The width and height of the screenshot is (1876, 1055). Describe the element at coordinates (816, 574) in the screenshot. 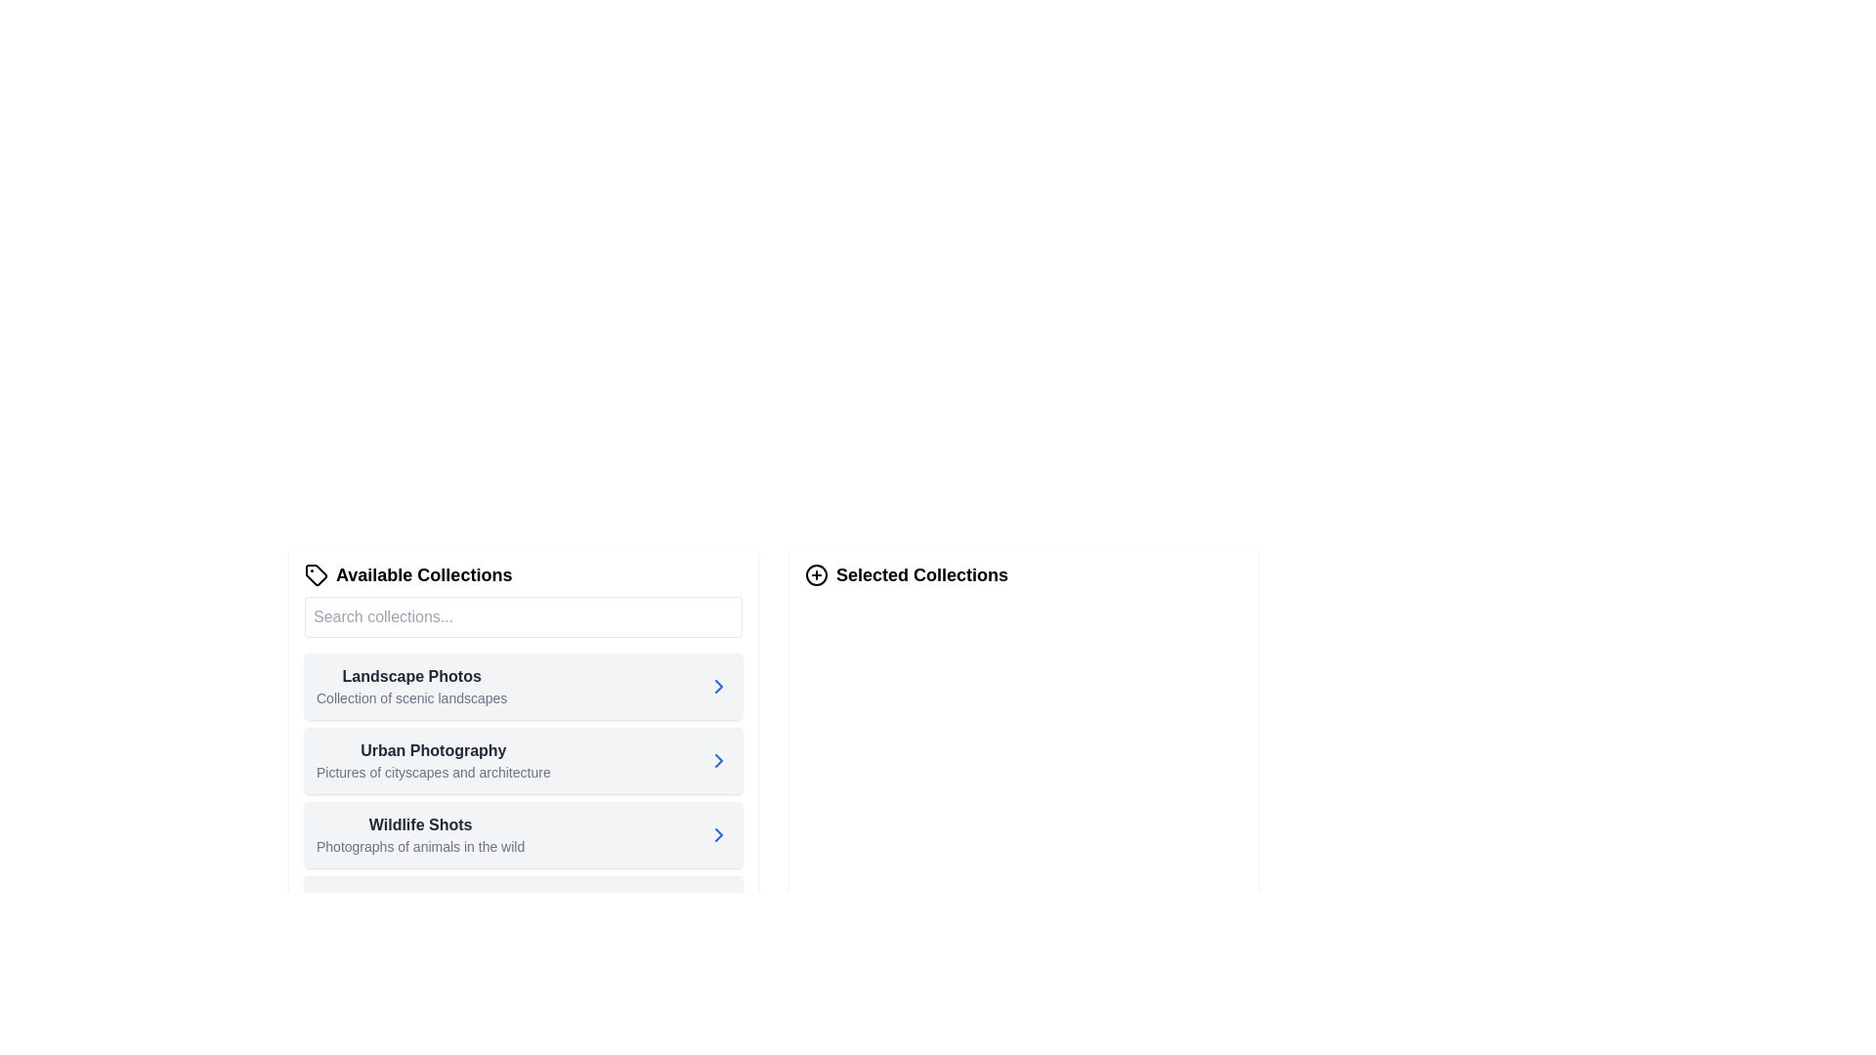

I see `the add item button located to the left of the 'Selected Collections' text` at that location.